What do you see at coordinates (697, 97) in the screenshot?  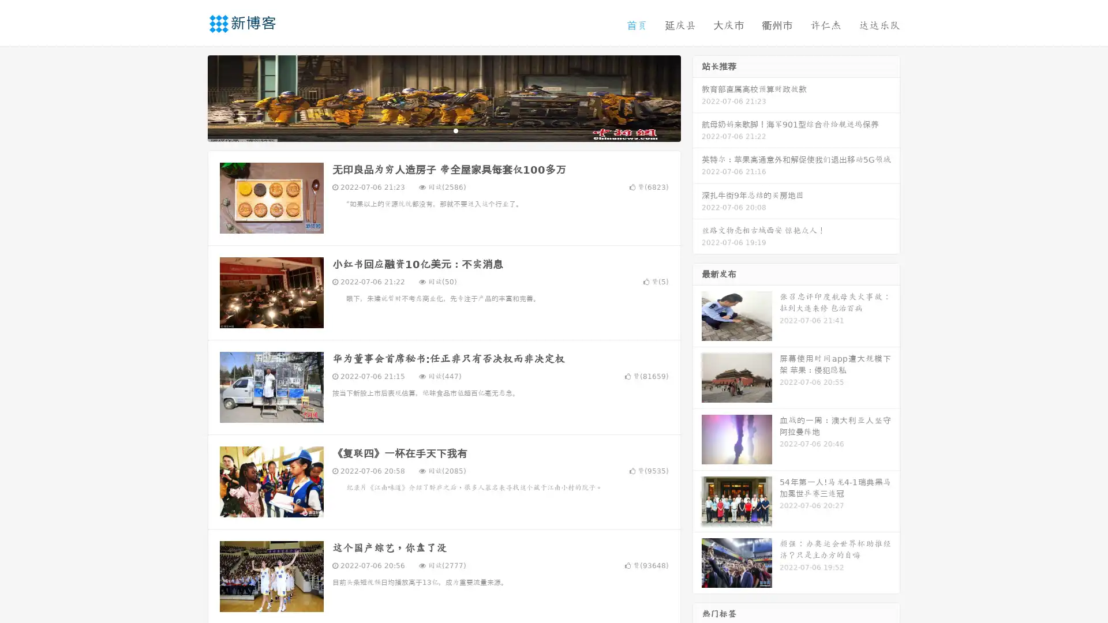 I see `Next slide` at bounding box center [697, 97].